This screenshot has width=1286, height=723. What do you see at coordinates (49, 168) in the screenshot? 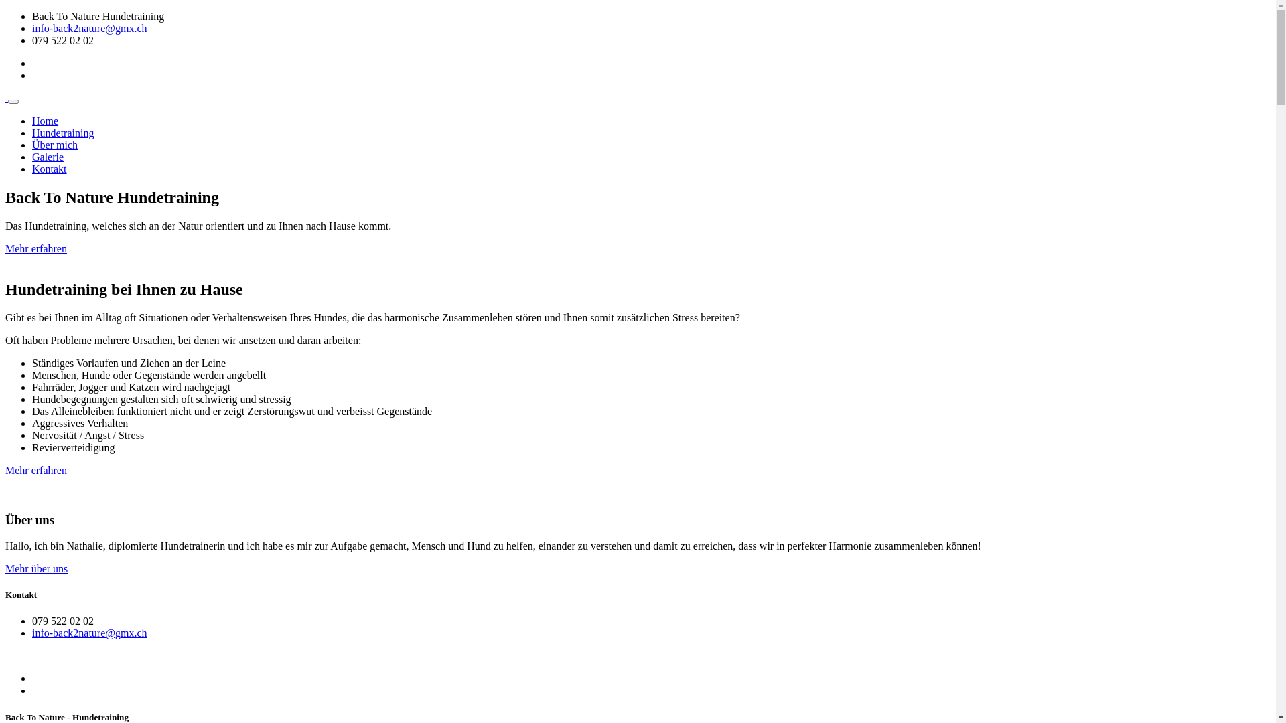
I see `'Kontakt'` at bounding box center [49, 168].